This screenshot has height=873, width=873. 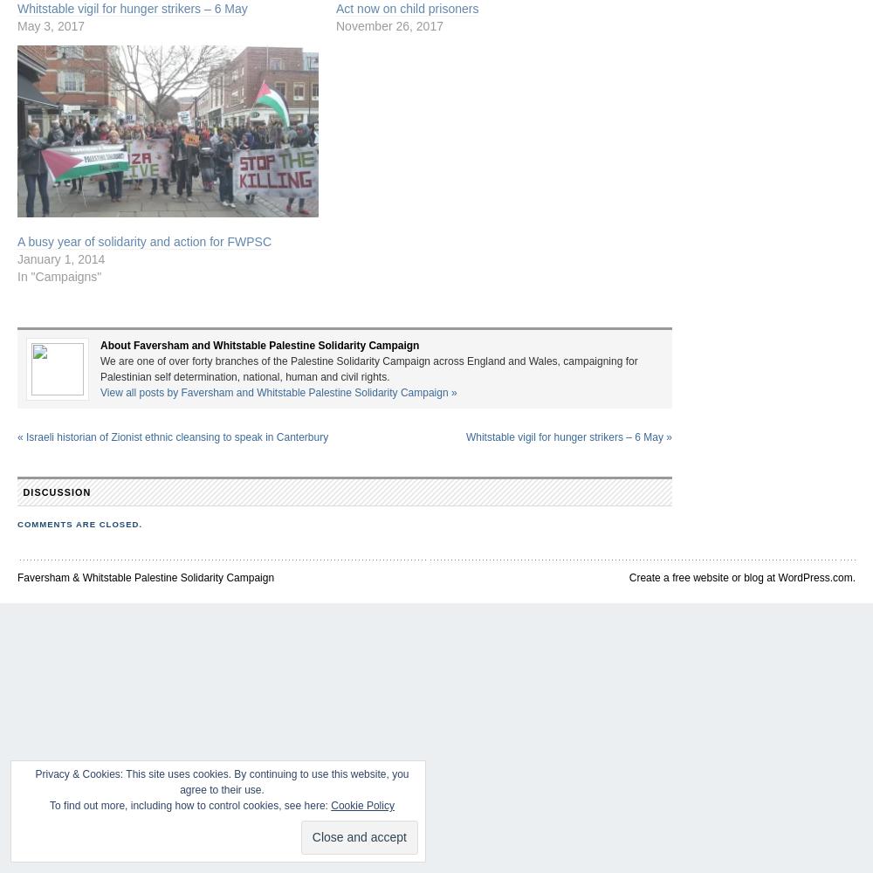 I want to click on 'Discussion', so click(x=56, y=491).